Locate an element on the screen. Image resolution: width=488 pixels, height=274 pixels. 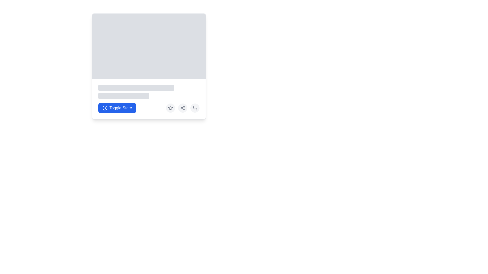
the star-shaped icon with a gray outline, located directly to the right of the 'Toggle State' button is located at coordinates (170, 108).